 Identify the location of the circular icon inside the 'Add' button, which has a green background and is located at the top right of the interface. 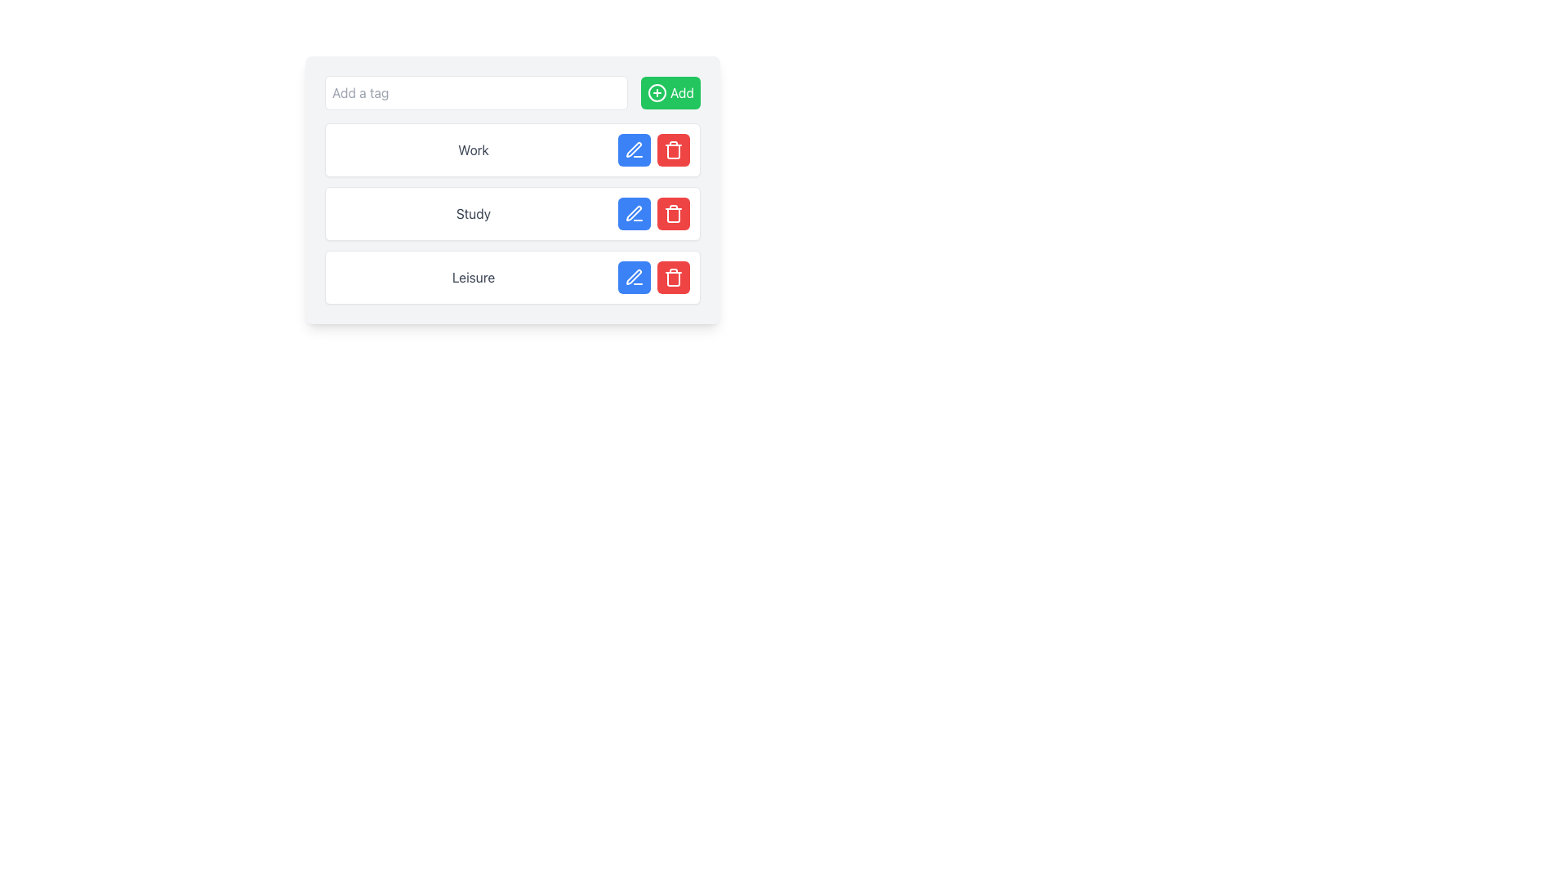
(657, 93).